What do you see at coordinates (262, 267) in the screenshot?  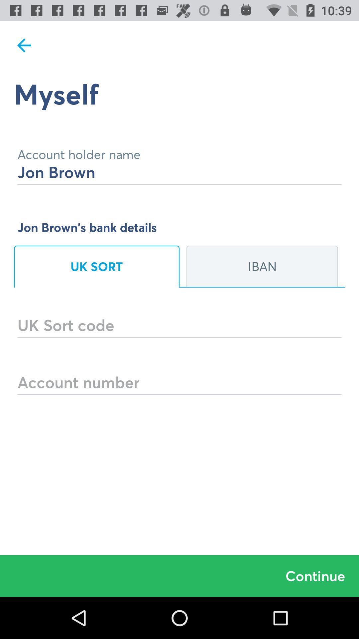 I see `item next to uk sort icon` at bounding box center [262, 267].